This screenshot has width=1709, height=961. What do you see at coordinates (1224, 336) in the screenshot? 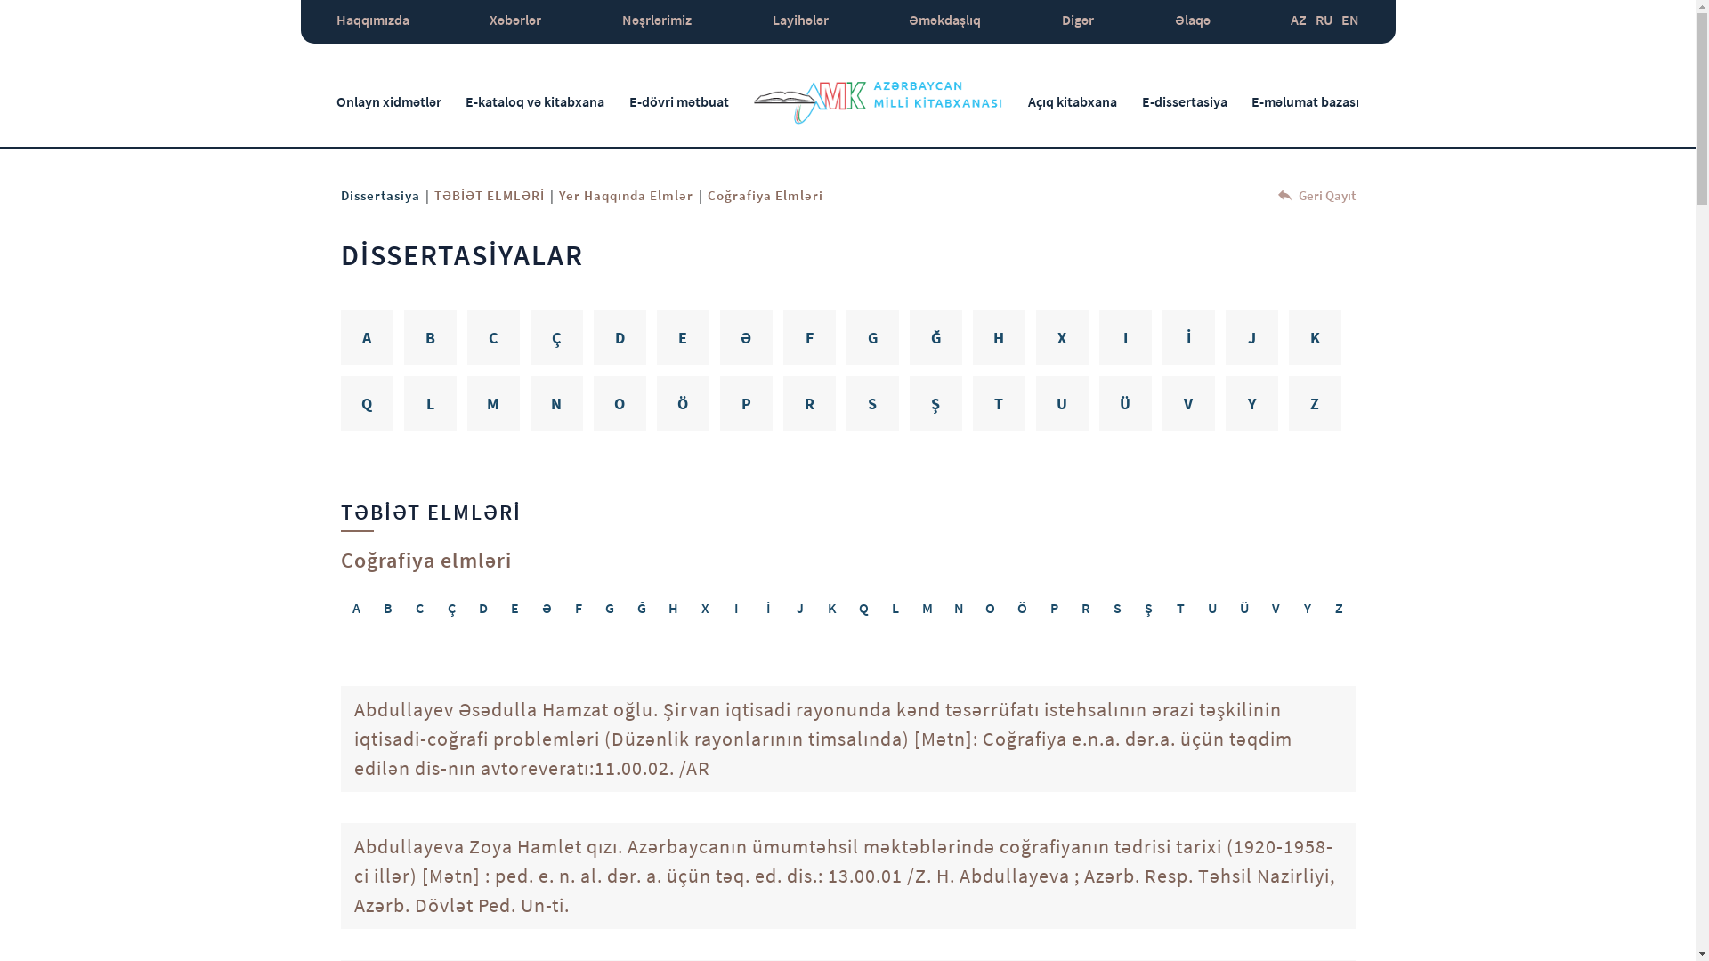
I see `'J'` at bounding box center [1224, 336].